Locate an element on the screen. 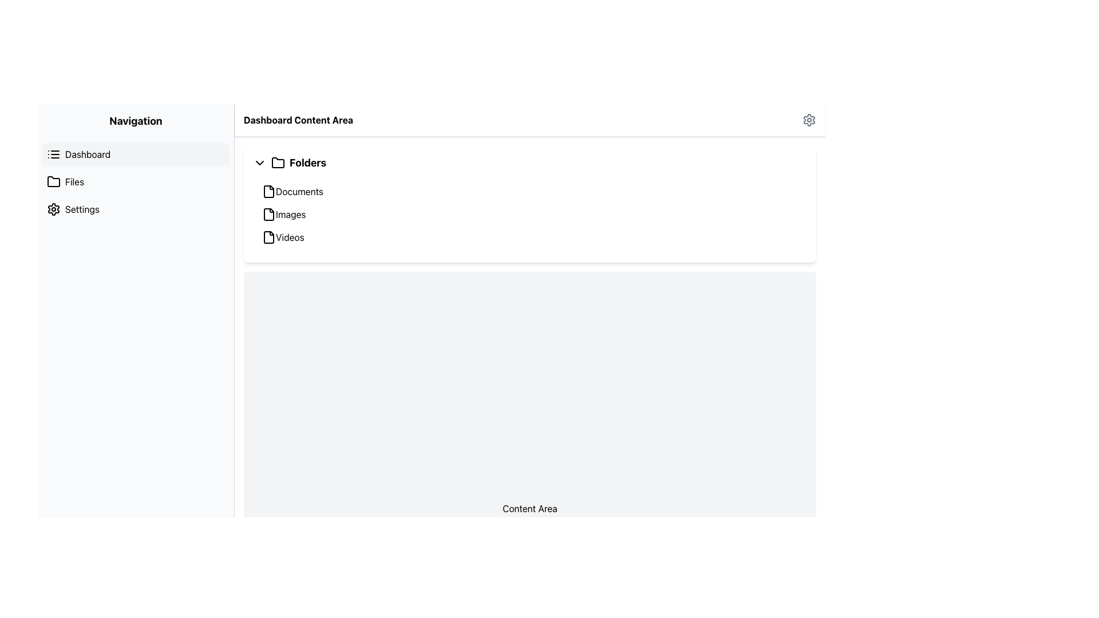  the Settings Icon located at the top left of the navigation sidebar is located at coordinates (53, 209).